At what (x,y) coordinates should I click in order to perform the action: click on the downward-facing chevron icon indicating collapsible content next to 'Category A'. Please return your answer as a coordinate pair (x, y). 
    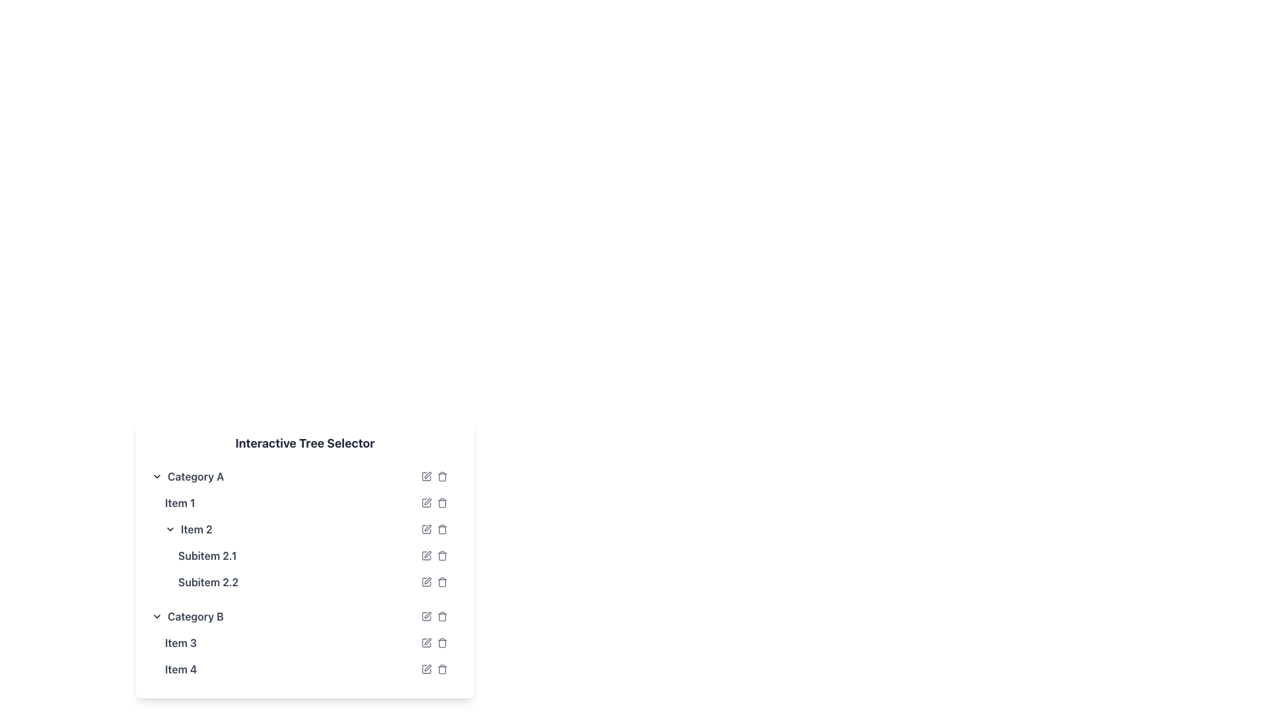
    Looking at the image, I should click on (157, 476).